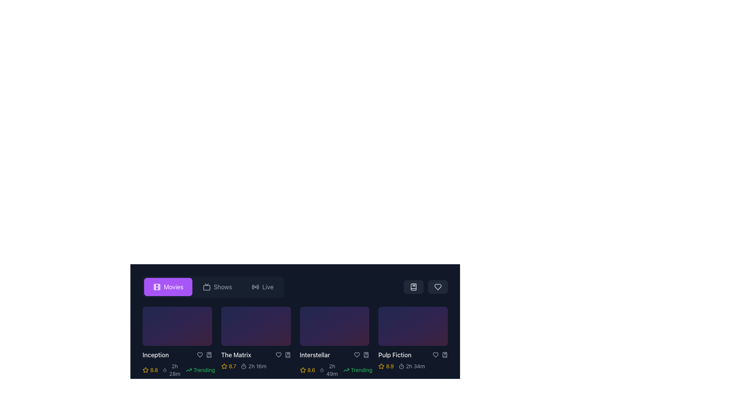  Describe the element at coordinates (254, 366) in the screenshot. I see `the text label displaying '2h 16m' with the timer icon, located in the details section of 'The Matrix' movie entry` at that location.